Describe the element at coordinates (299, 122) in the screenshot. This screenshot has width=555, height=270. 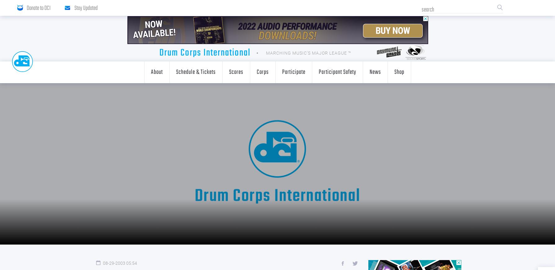
I see `'BANDtastic!'` at that location.